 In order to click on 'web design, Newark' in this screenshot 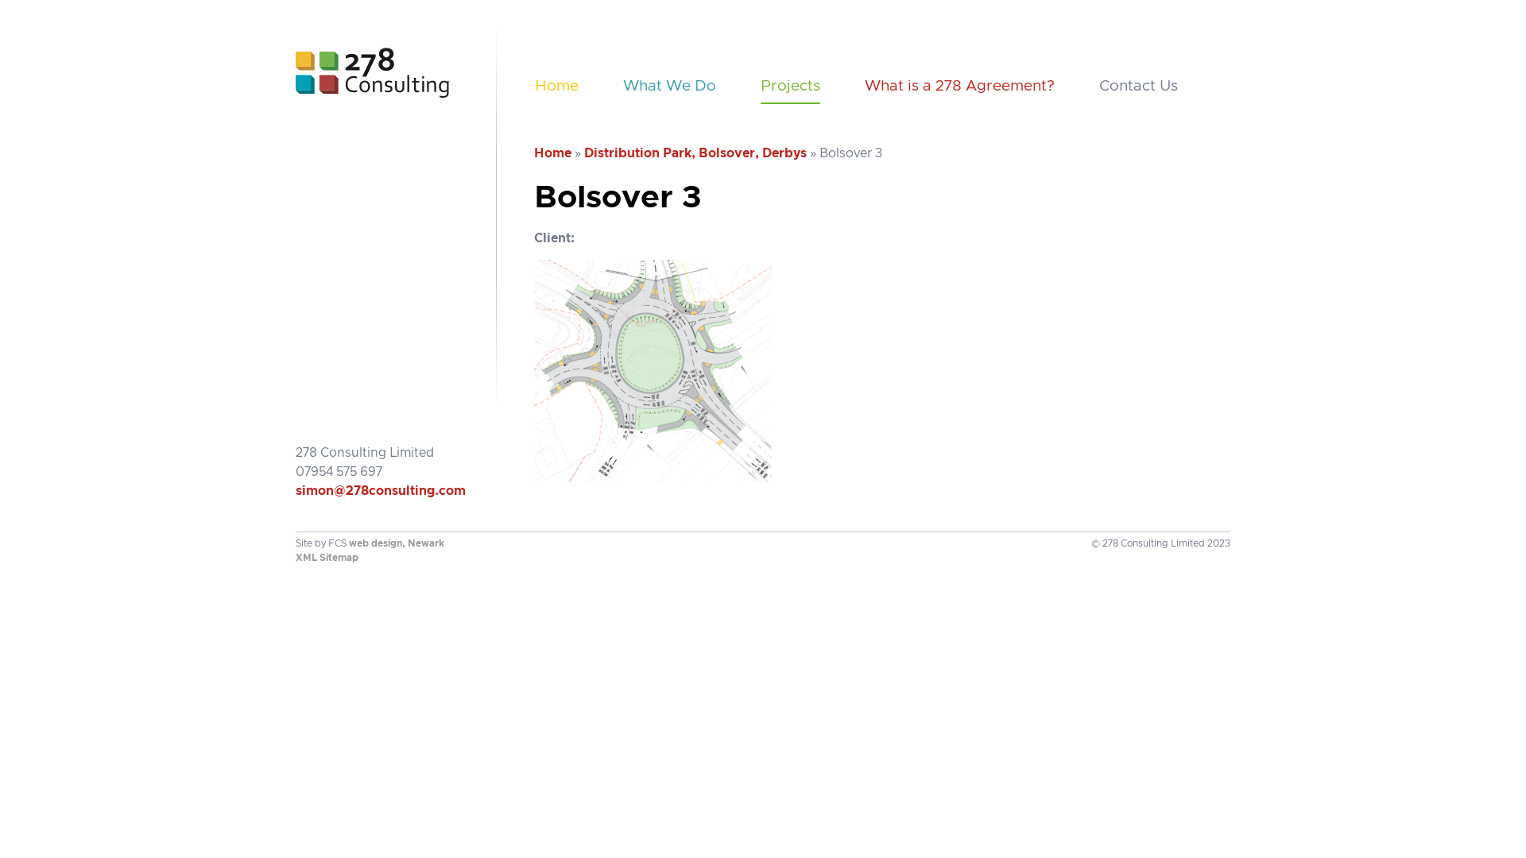, I will do `click(397, 542)`.